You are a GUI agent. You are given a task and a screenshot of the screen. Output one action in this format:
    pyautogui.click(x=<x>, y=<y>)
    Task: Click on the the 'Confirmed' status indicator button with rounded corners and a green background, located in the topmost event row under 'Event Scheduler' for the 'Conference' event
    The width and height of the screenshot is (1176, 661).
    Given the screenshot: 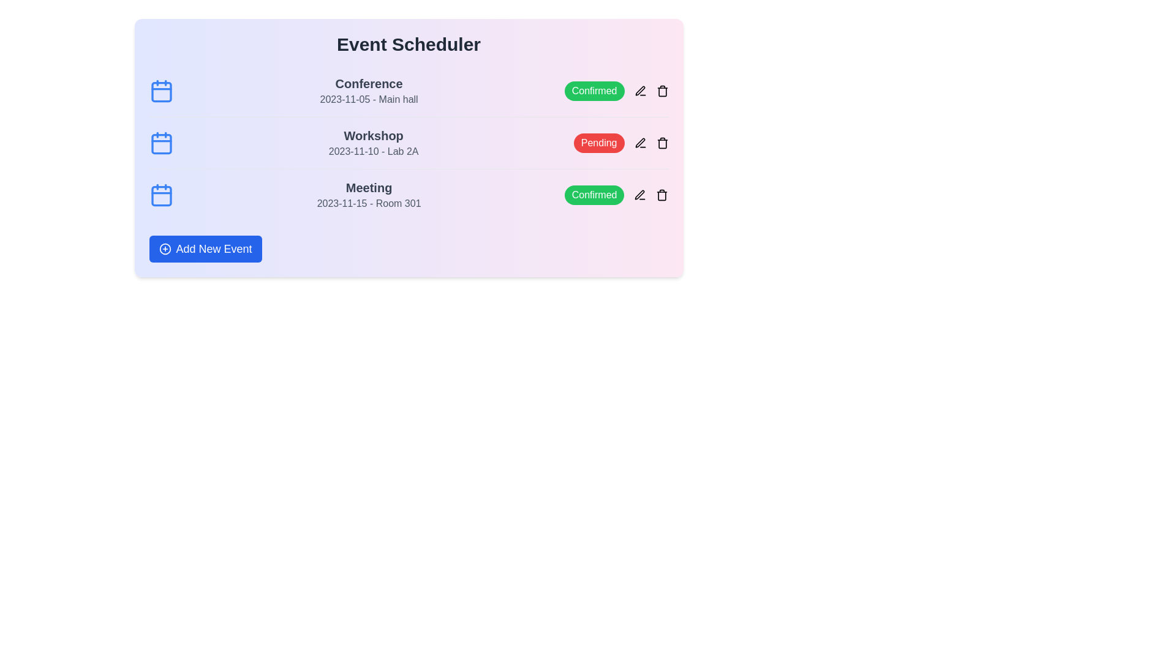 What is the action you would take?
    pyautogui.click(x=616, y=91)
    